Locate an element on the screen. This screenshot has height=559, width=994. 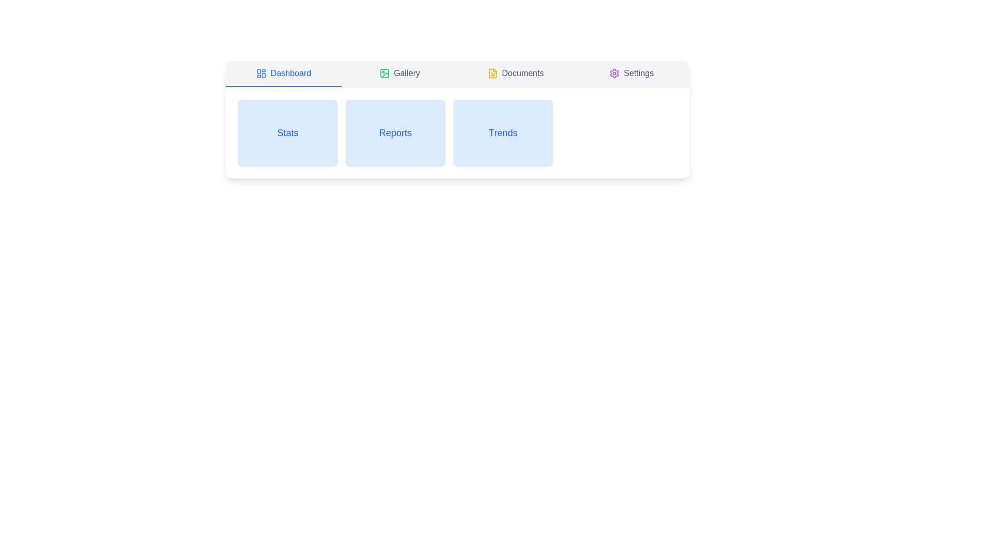
the Navigation menu item, which is the second item from the left in the navigation bar is located at coordinates (399, 73).